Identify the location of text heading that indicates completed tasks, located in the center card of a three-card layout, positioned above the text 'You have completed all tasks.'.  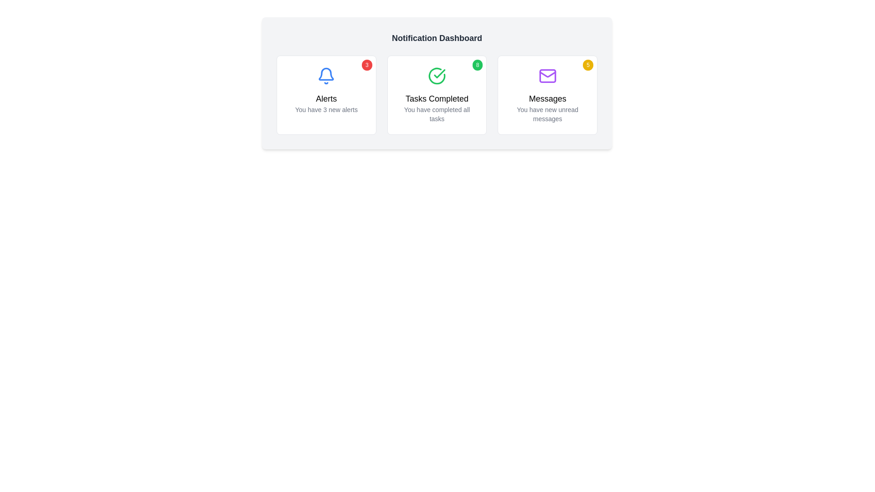
(437, 98).